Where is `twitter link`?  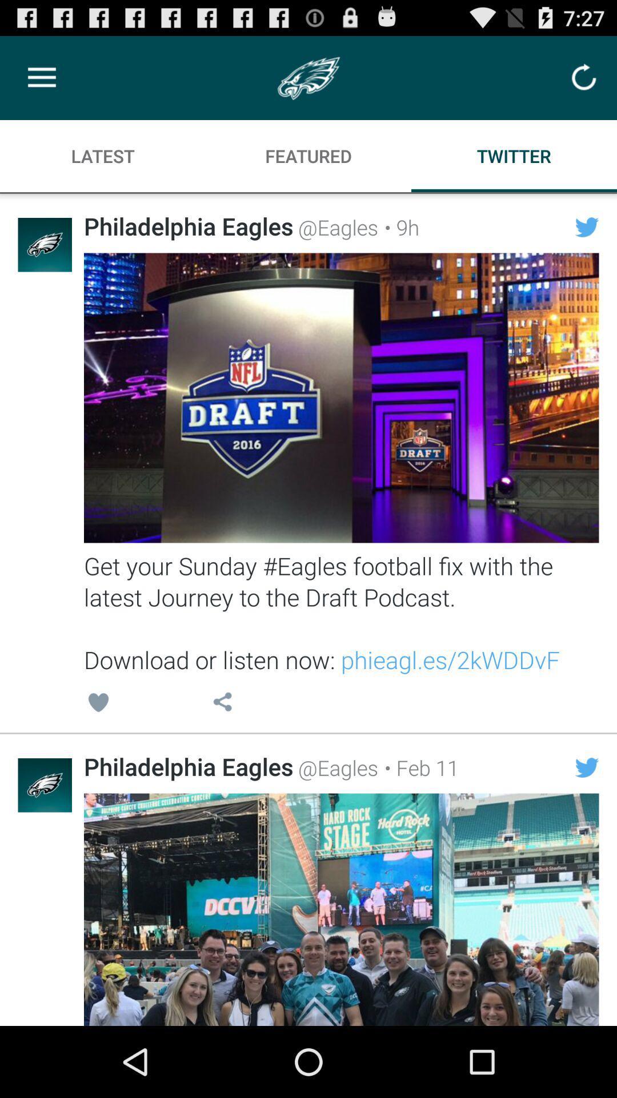 twitter link is located at coordinates (340, 909).